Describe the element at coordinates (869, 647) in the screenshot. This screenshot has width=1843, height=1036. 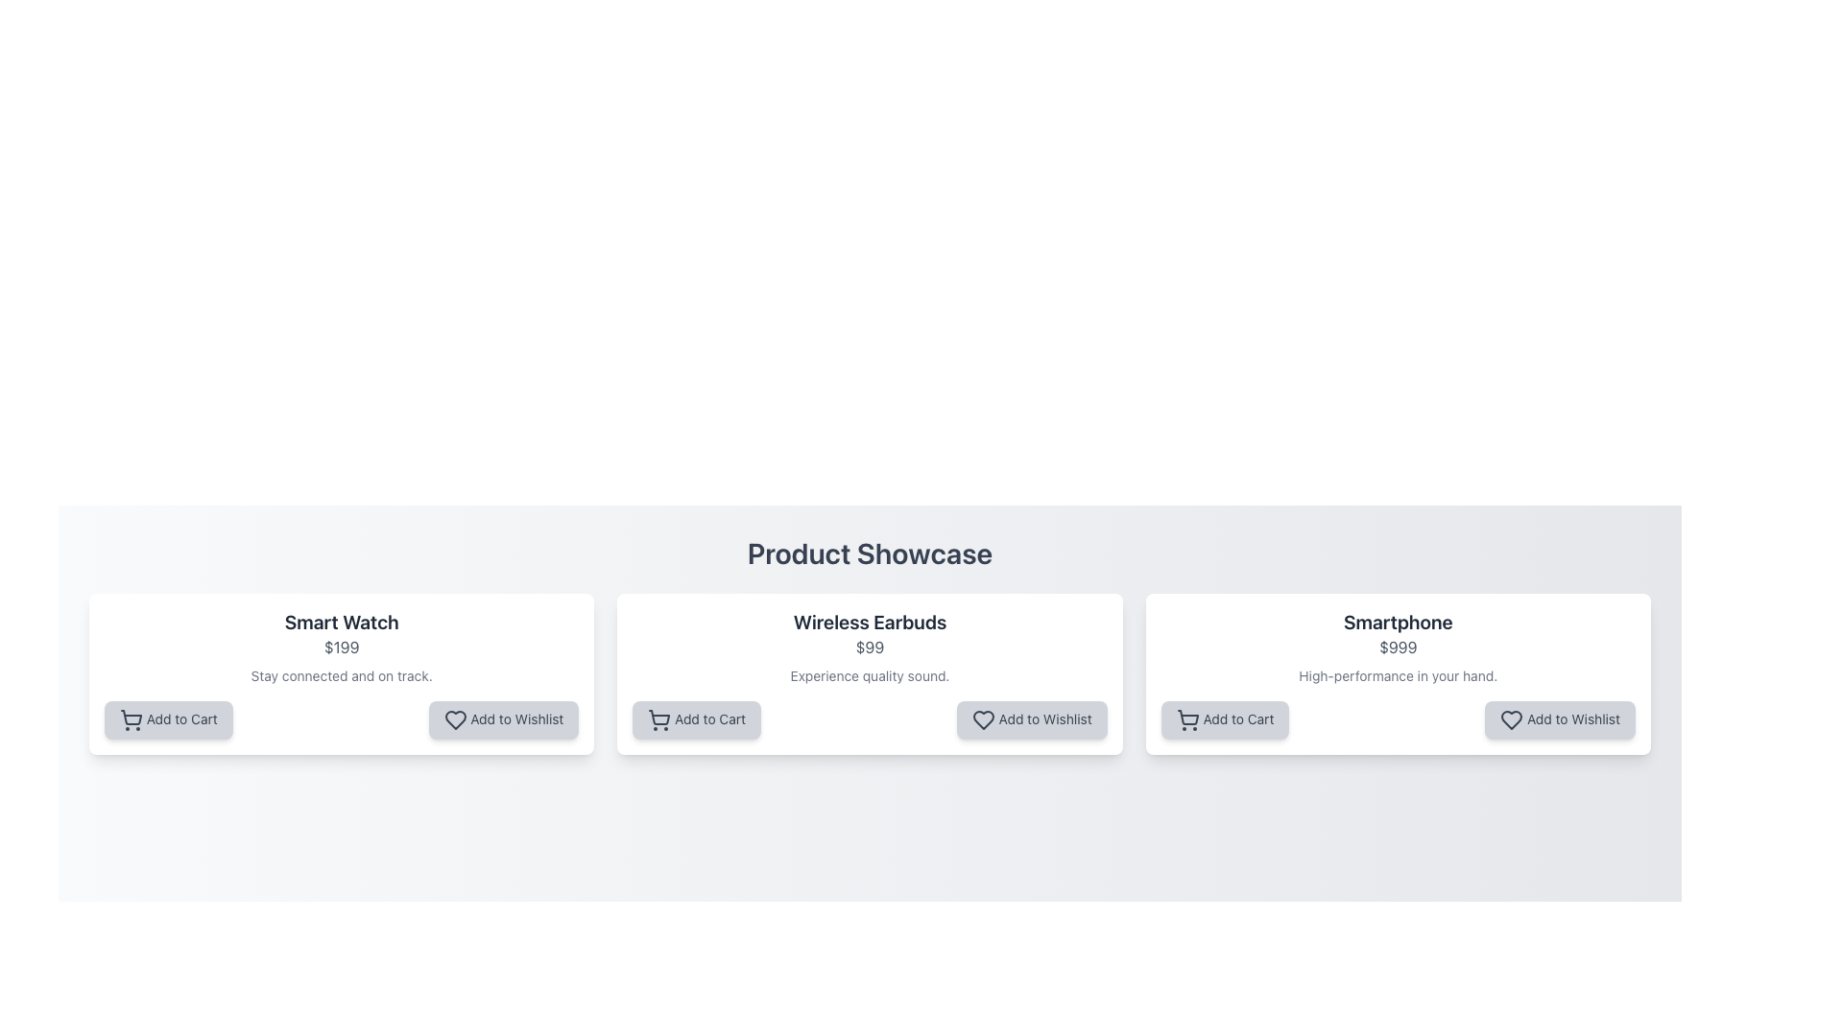
I see `the text label displaying the price '$99' located in the center card of the product showcase under the title 'Wireless Earbuds'` at that location.